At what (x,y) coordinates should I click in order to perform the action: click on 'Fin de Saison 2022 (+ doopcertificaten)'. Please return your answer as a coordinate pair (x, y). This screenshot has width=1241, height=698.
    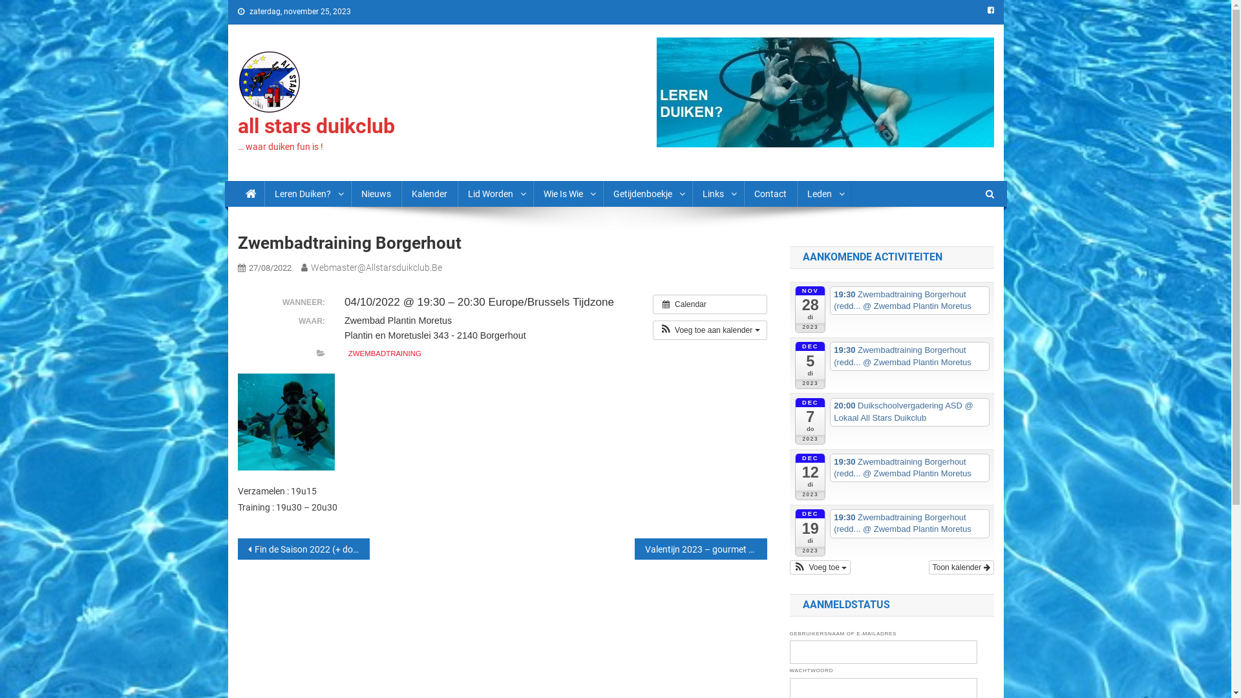
    Looking at the image, I should click on (238, 549).